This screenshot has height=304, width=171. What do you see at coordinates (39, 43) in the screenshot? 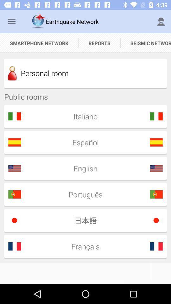
I see `smartphone network icon` at bounding box center [39, 43].